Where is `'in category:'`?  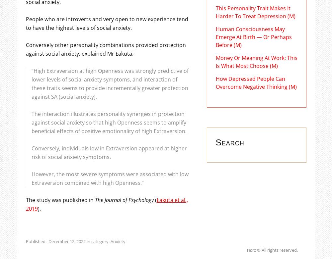 'in category:' is located at coordinates (98, 240).